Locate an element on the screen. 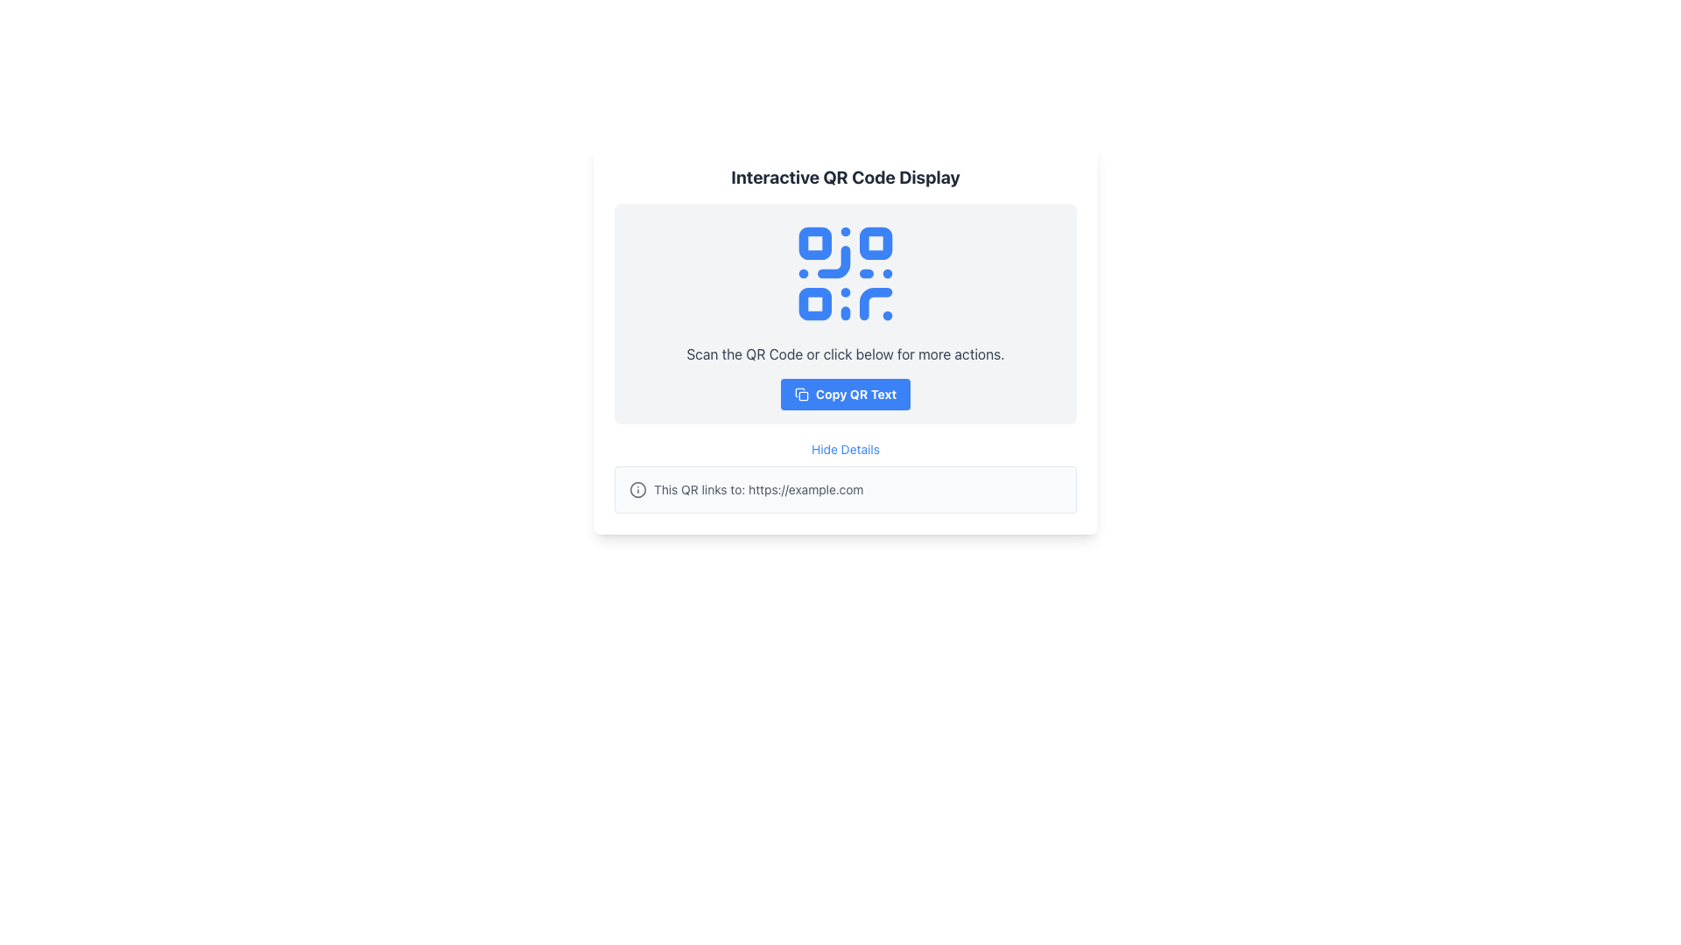 Image resolution: width=1681 pixels, height=945 pixels. the circular 'info' icon with a gray color scheme located to the left of the text 'This QR links to: https://example.com' is located at coordinates (637, 489).